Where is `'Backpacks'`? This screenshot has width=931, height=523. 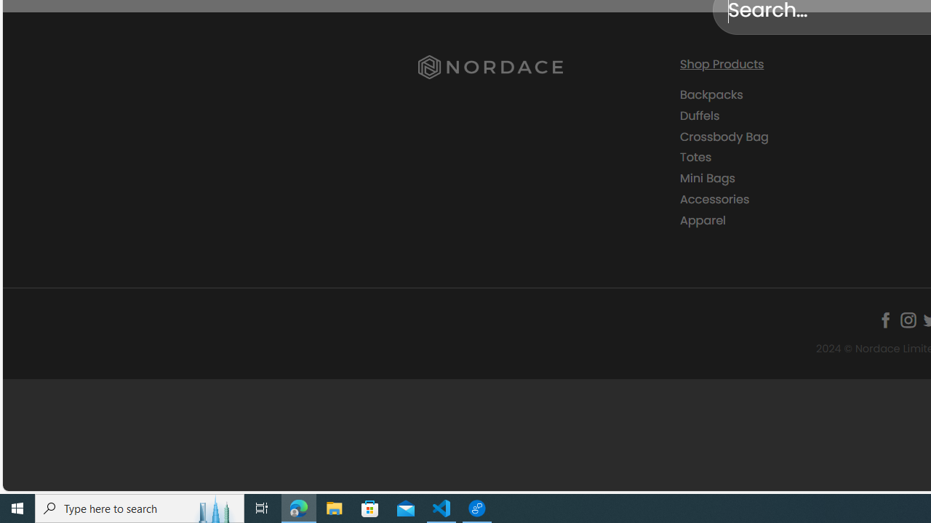
'Backpacks' is located at coordinates (799, 95).